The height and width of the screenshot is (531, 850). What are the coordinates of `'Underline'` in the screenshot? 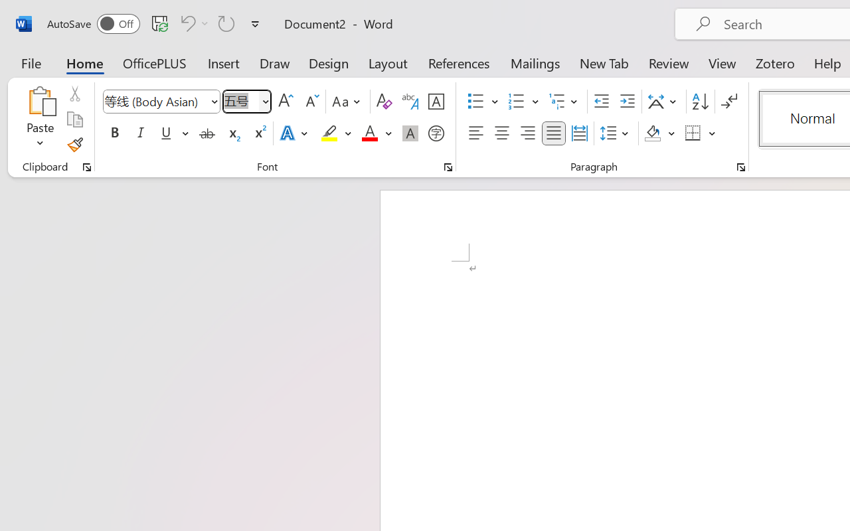 It's located at (165, 133).